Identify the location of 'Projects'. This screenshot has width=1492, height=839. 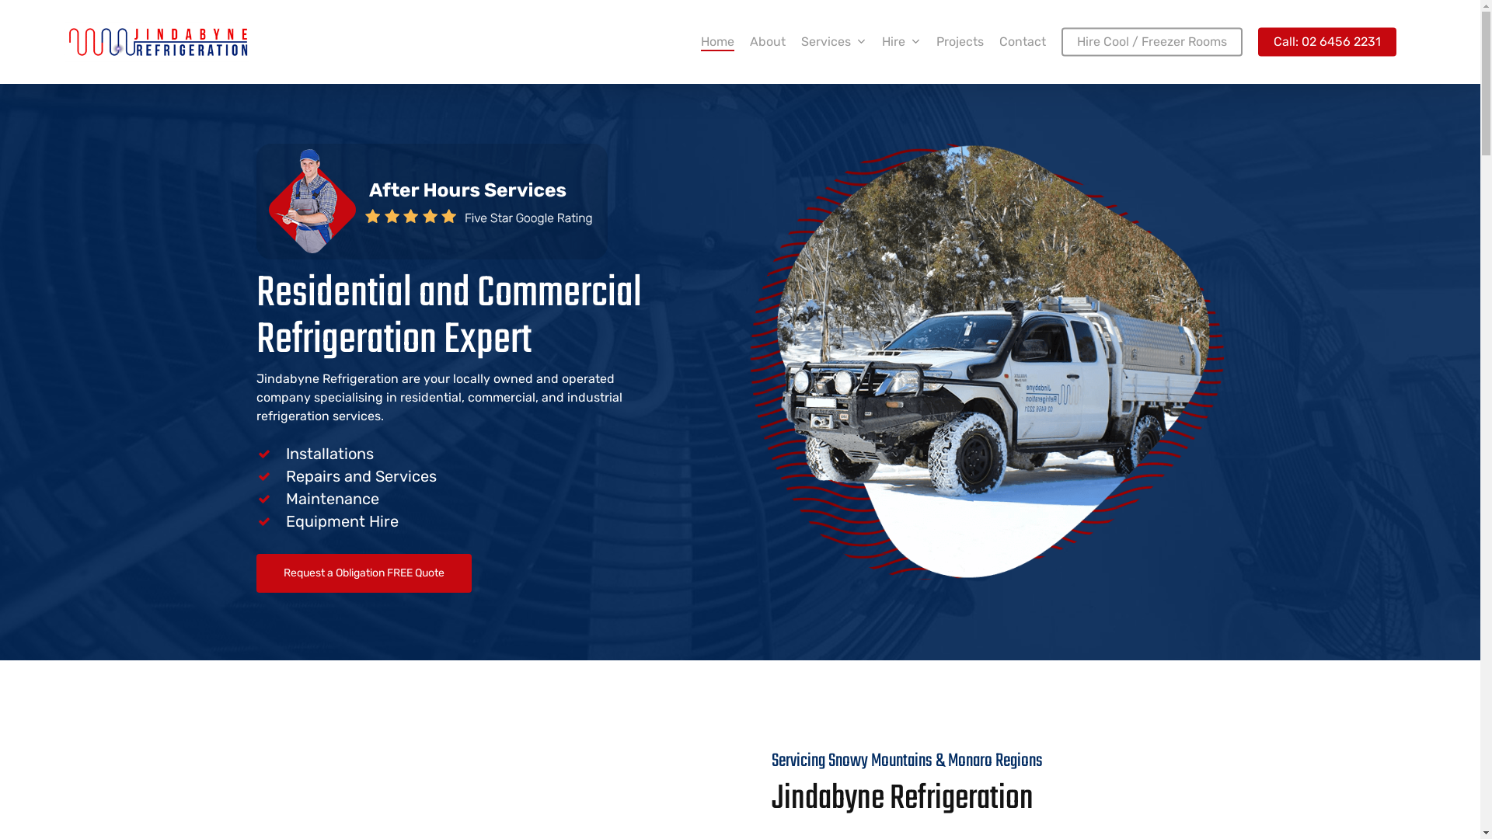
(935, 41).